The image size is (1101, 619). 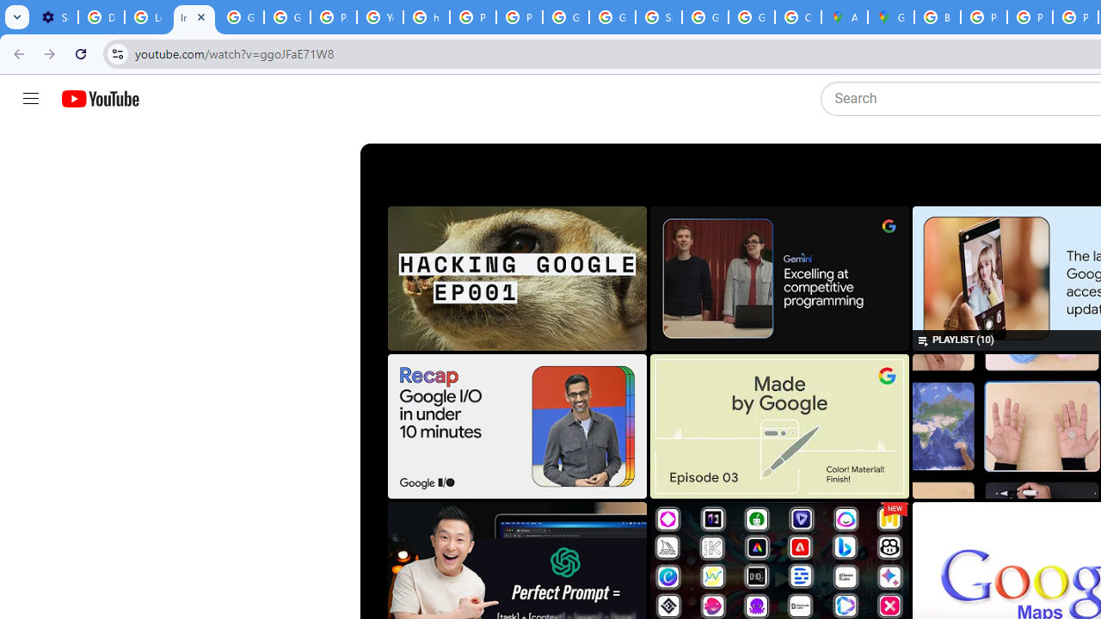 I want to click on 'Google Account Help', so click(x=240, y=17).